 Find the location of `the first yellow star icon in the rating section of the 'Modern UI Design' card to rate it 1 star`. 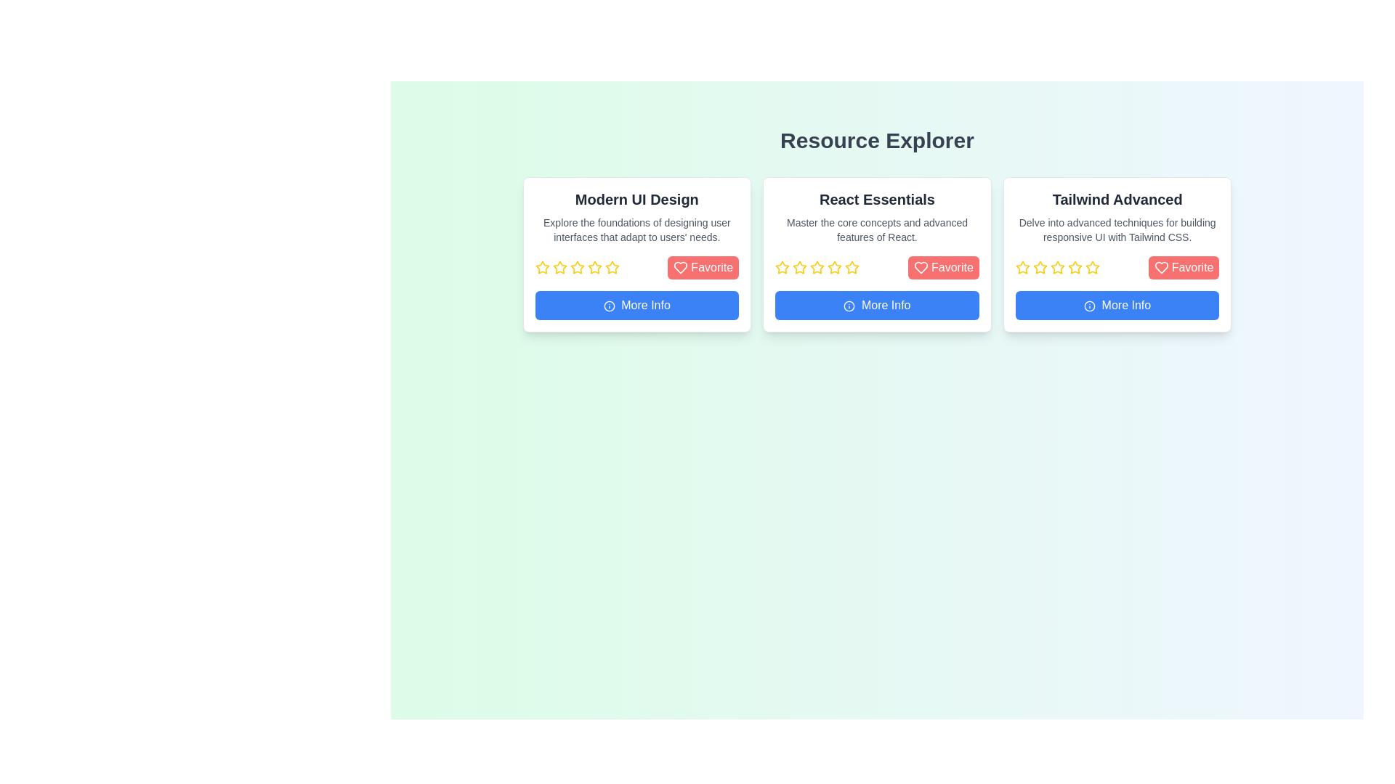

the first yellow star icon in the rating section of the 'Modern UI Design' card to rate it 1 star is located at coordinates (559, 267).